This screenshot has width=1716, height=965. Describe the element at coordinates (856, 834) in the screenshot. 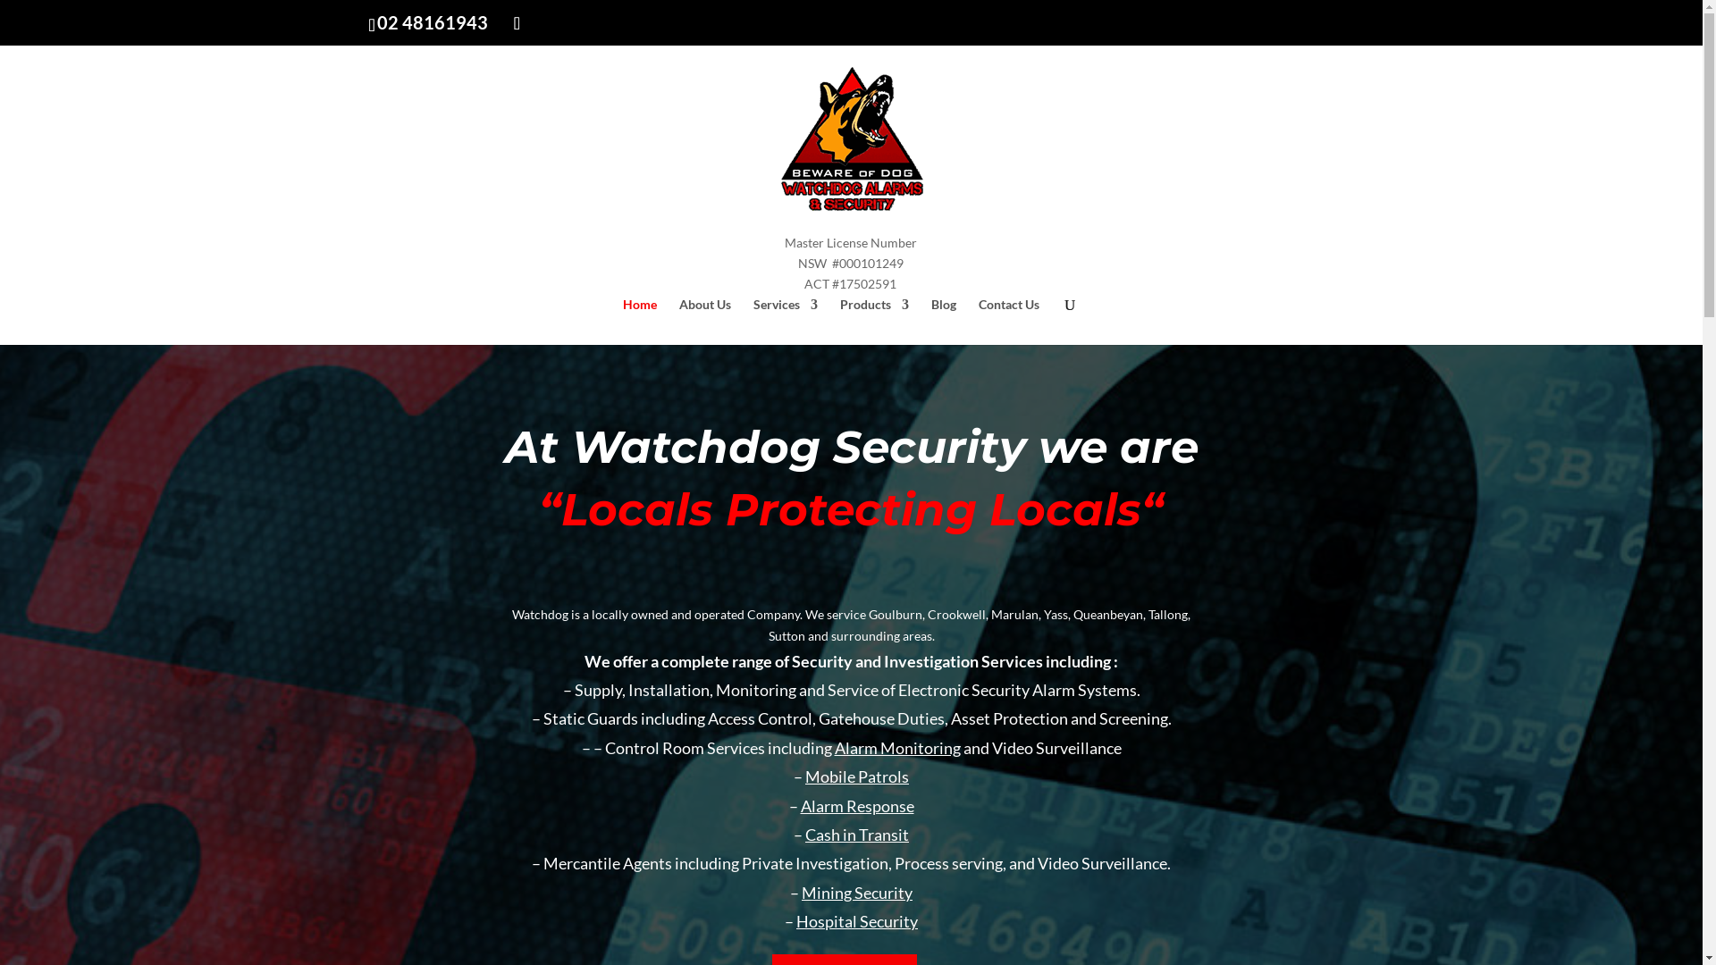

I see `'Cash in Transit'` at that location.